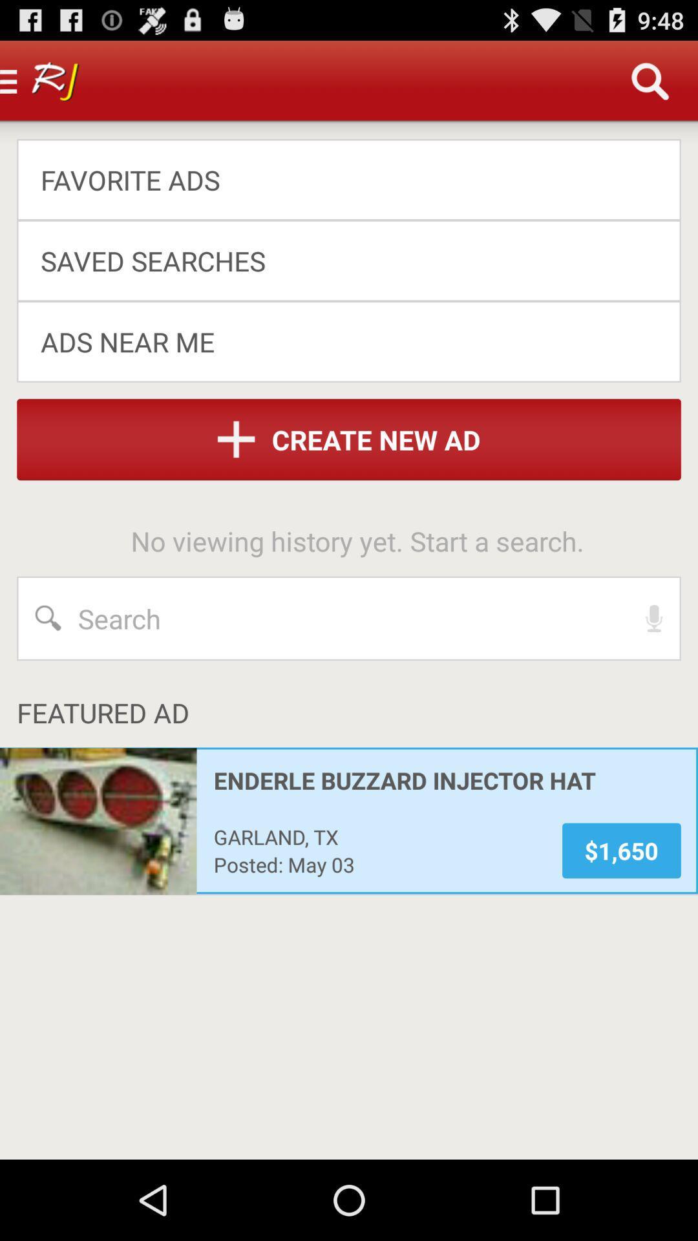  What do you see at coordinates (339, 260) in the screenshot?
I see `the saved searches item` at bounding box center [339, 260].